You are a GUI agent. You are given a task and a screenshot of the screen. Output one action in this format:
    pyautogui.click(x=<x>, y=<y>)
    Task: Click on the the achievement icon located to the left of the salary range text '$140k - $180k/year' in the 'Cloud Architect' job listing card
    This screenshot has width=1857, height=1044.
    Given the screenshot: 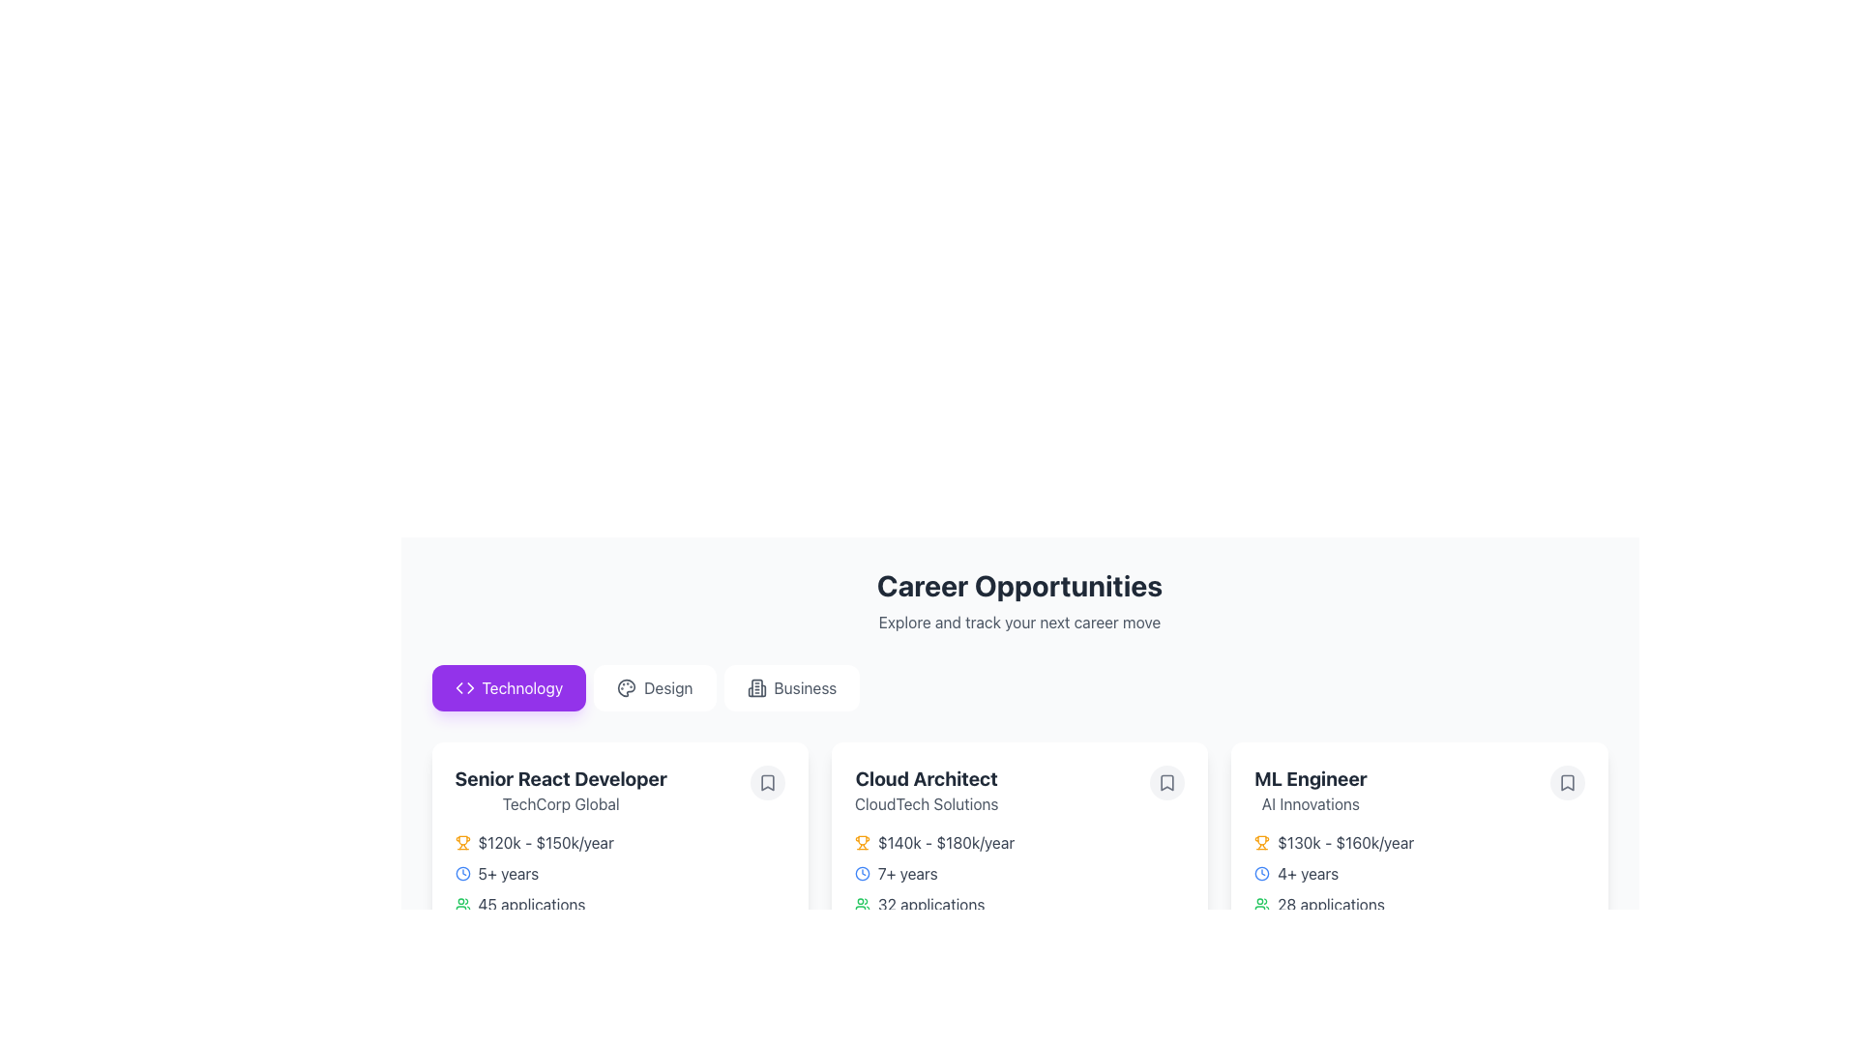 What is the action you would take?
    pyautogui.click(x=861, y=841)
    